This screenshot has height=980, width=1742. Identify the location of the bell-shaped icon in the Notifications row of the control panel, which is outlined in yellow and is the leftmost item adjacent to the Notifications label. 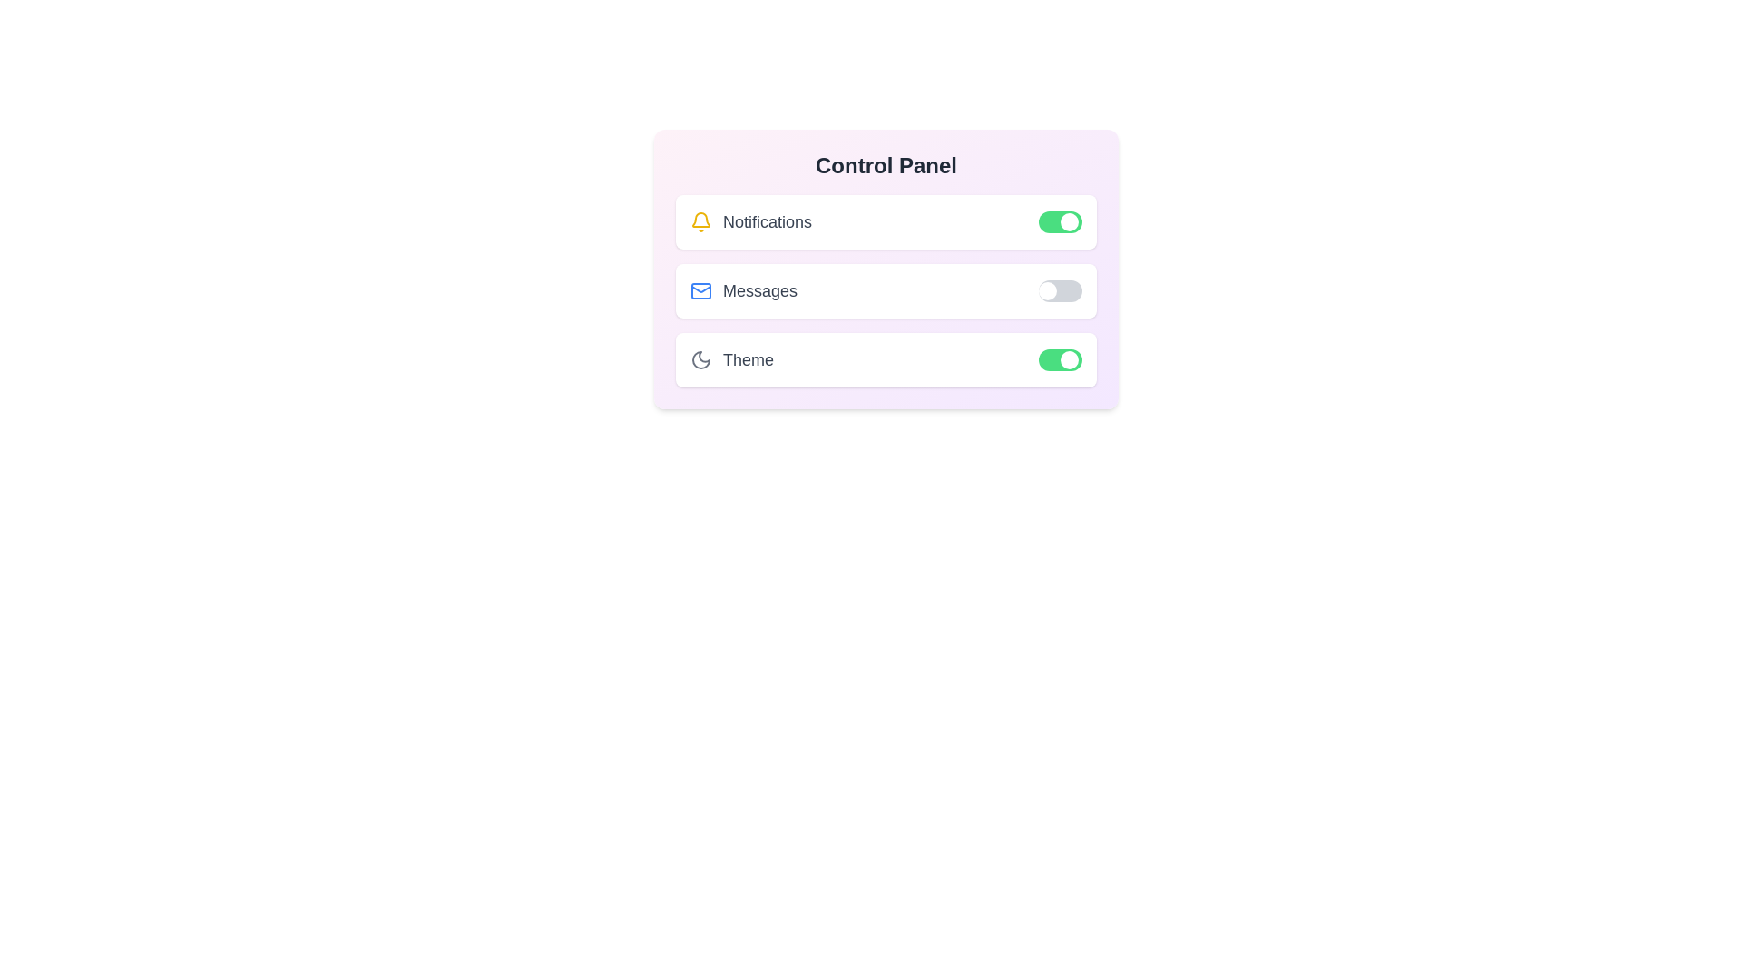
(700, 219).